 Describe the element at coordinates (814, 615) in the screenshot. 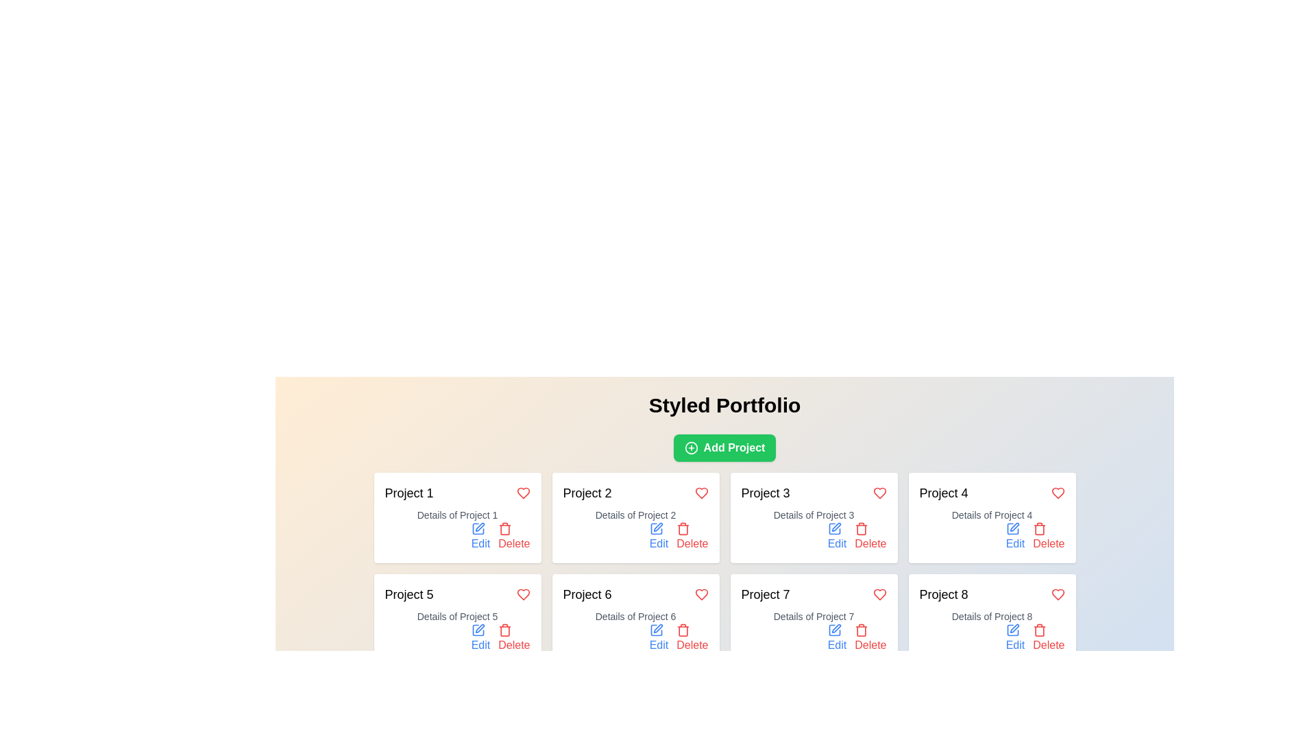

I see `the text label that displays 'Details of Project 7', which is styled in a small font and light gray color, located inside the seventh project card under the bold title 'Project 7'` at that location.